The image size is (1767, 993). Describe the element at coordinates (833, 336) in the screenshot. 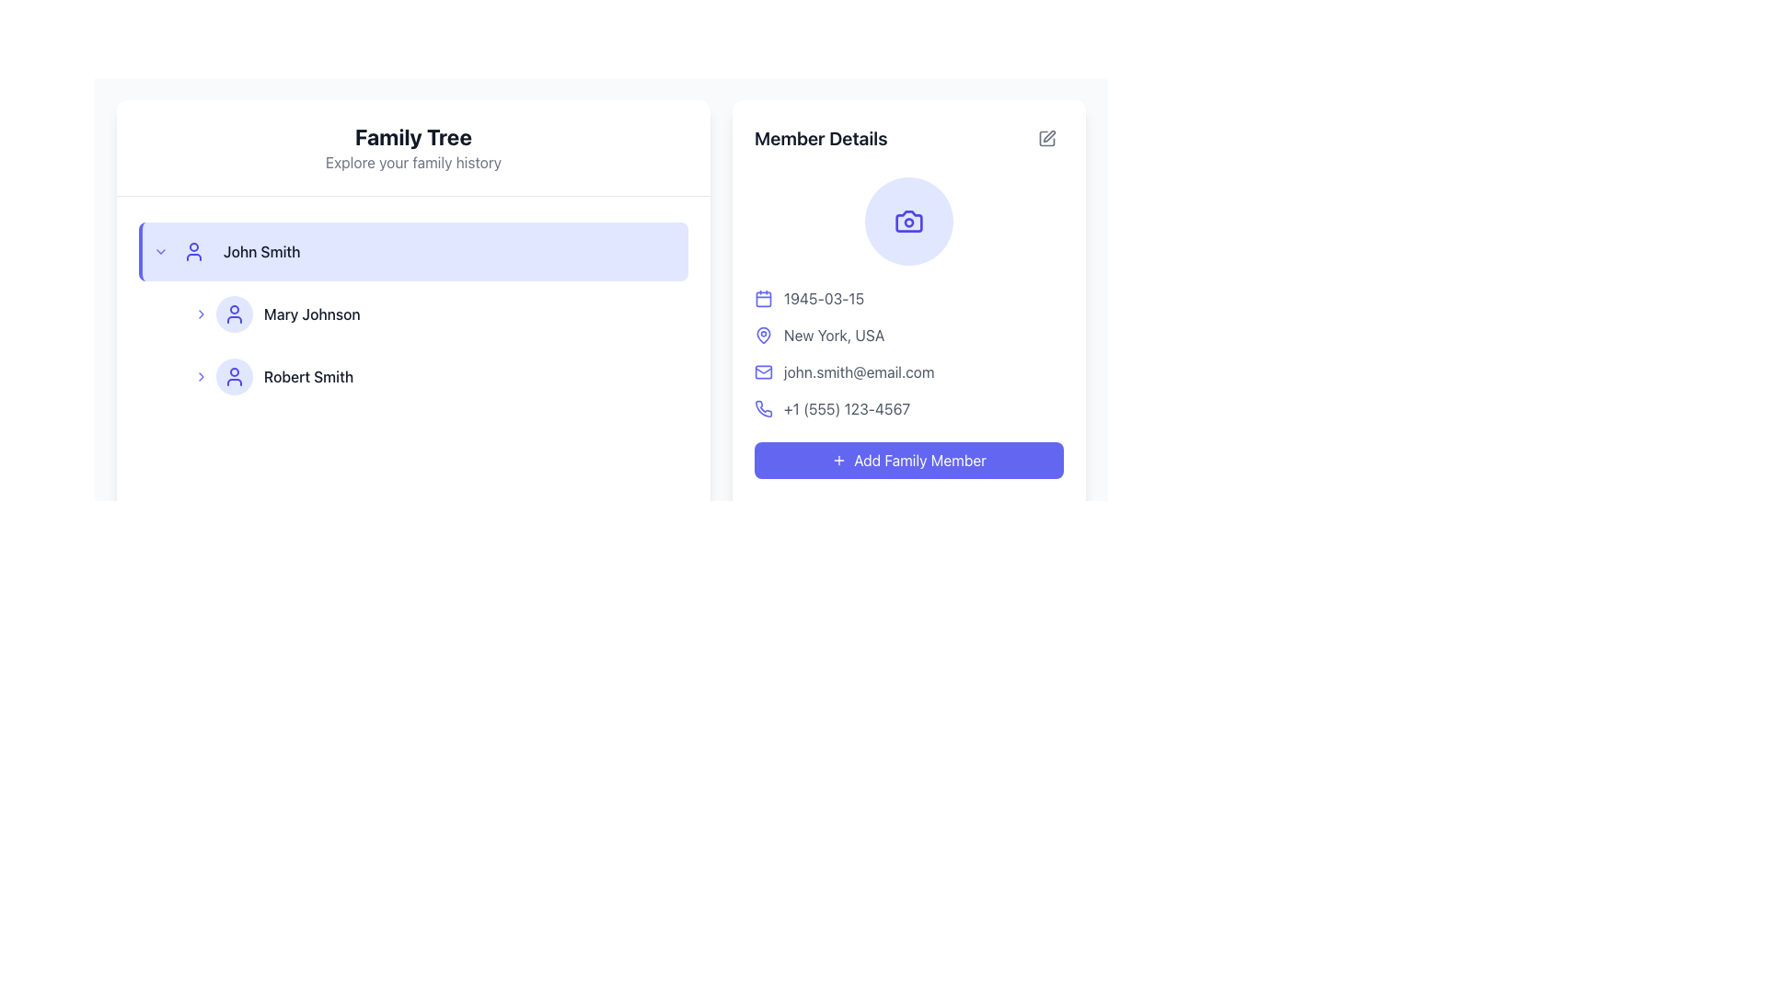

I see `the Text label displaying the location 'New York, USA' in the 'Member Details' section, which is located under the map pin icon and above the email information line` at that location.